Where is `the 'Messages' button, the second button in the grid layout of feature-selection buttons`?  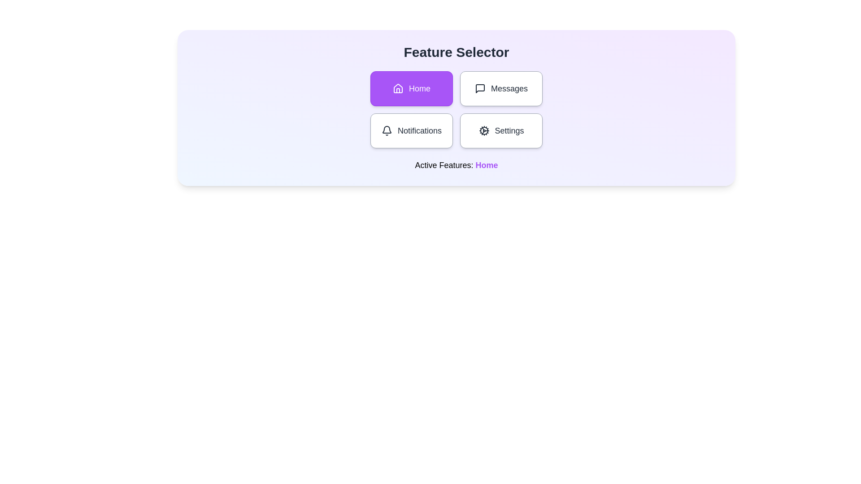
the 'Messages' button, the second button in the grid layout of feature-selection buttons is located at coordinates (501, 88).